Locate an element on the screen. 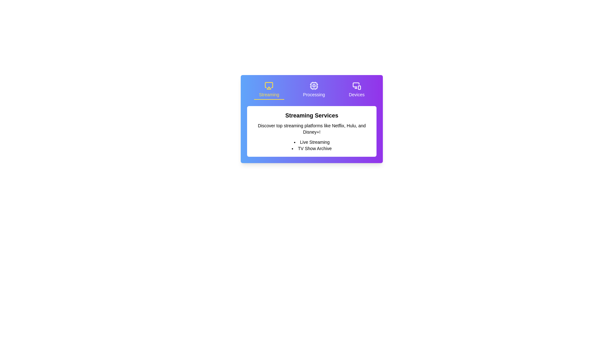  the rightmost button in a group of three that functions as a navigation option for devices is located at coordinates (357, 90).